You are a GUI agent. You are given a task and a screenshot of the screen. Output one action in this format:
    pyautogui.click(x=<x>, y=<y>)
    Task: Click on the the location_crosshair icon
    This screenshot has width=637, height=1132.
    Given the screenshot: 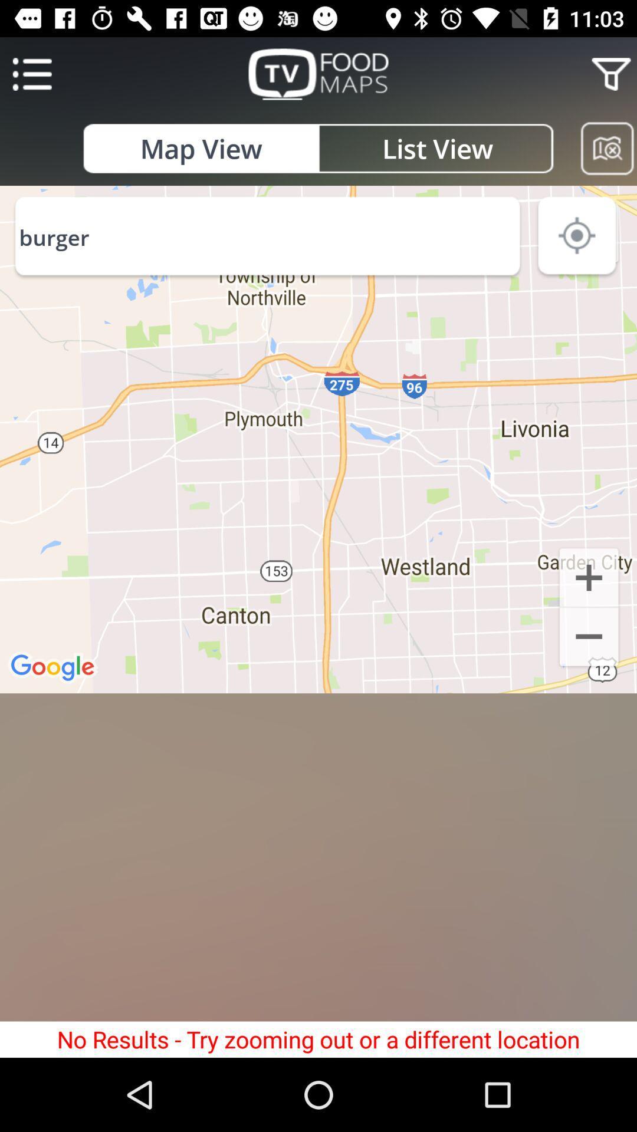 What is the action you would take?
    pyautogui.click(x=577, y=237)
    